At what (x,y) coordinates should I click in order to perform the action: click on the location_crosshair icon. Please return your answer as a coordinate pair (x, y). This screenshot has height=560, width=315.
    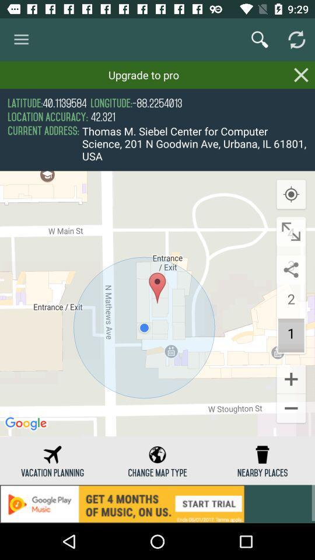
    Looking at the image, I should click on (290, 194).